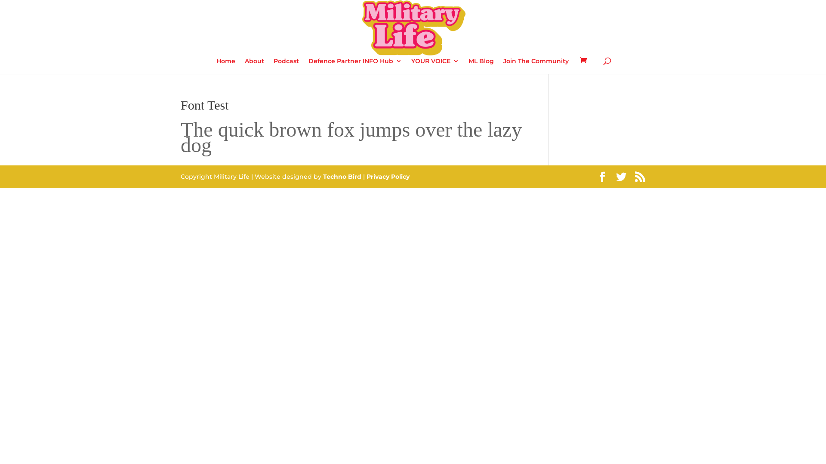  Describe the element at coordinates (388, 176) in the screenshot. I see `'Privacy Policy'` at that location.